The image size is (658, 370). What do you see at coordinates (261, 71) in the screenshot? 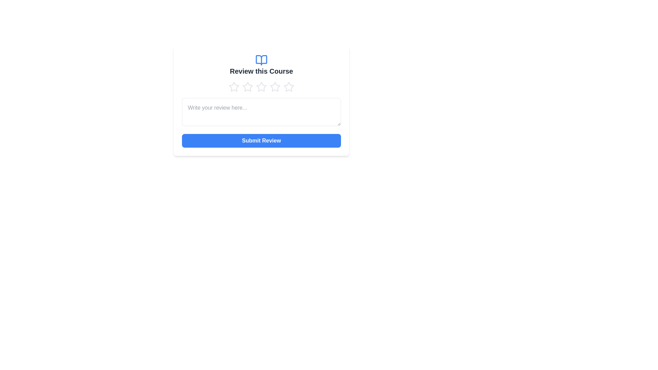
I see `the text label that displays 'Review this Course', which is bold and dark gray, indicating the reviewing section` at bounding box center [261, 71].